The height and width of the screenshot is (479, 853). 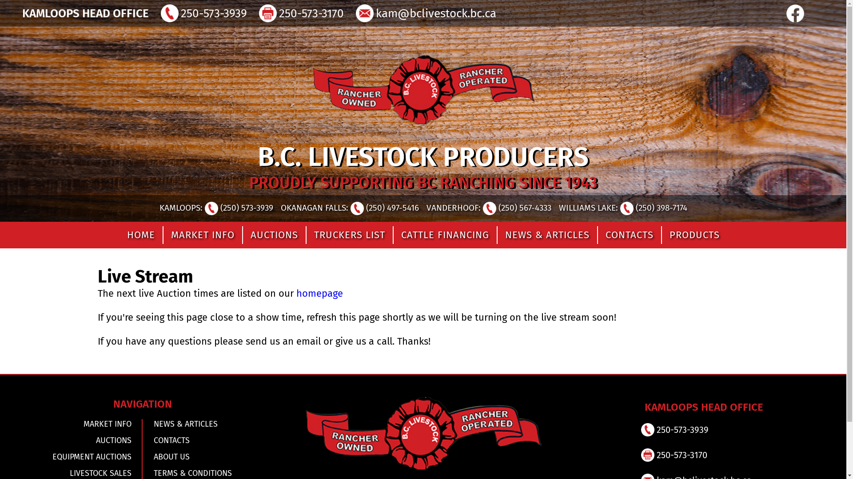 What do you see at coordinates (76, 473) in the screenshot?
I see `'LIVESTOCK SALES'` at bounding box center [76, 473].